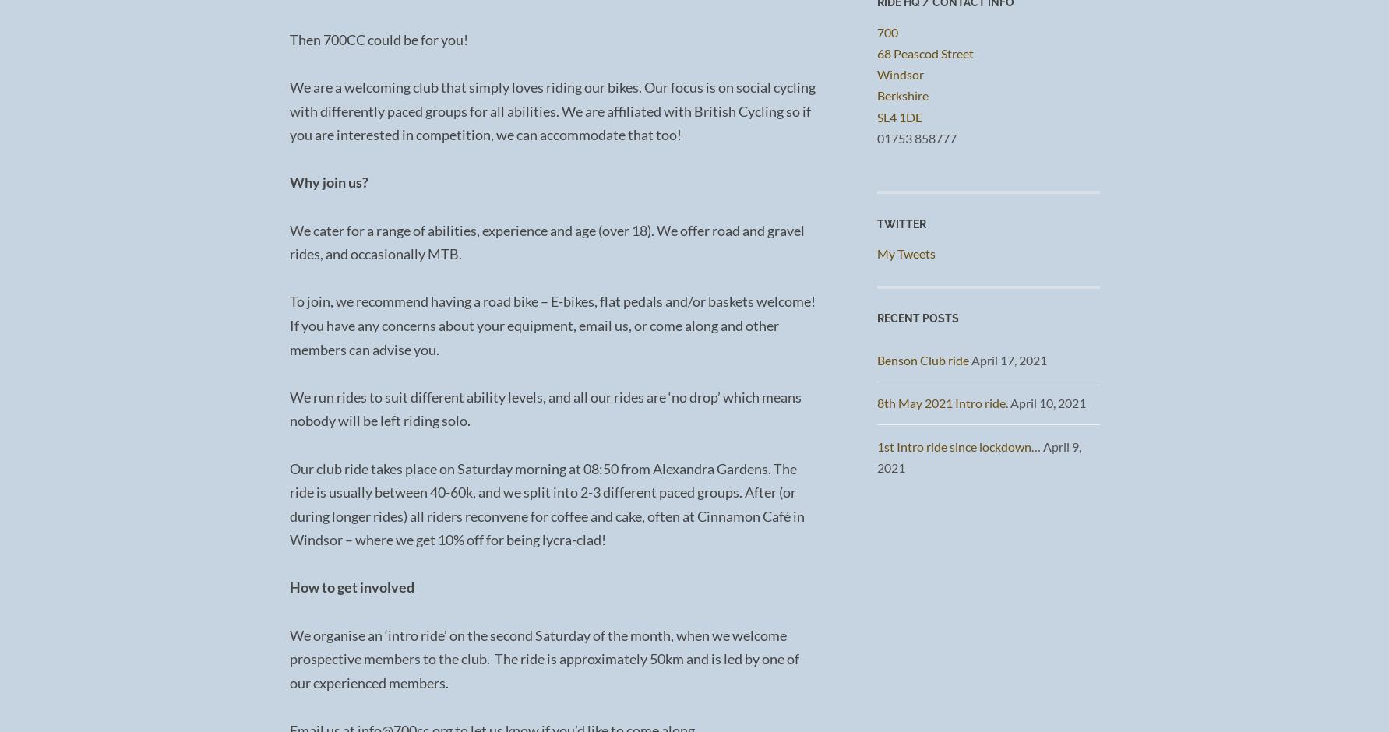 The image size is (1389, 732). What do you see at coordinates (551, 325) in the screenshot?
I see `'To join, we recommend having a road bike – E-bikes, flat pedals and/or baskets welcome! If you have any concerns about your equipment, email us, or come along and other members can advise you.'` at bounding box center [551, 325].